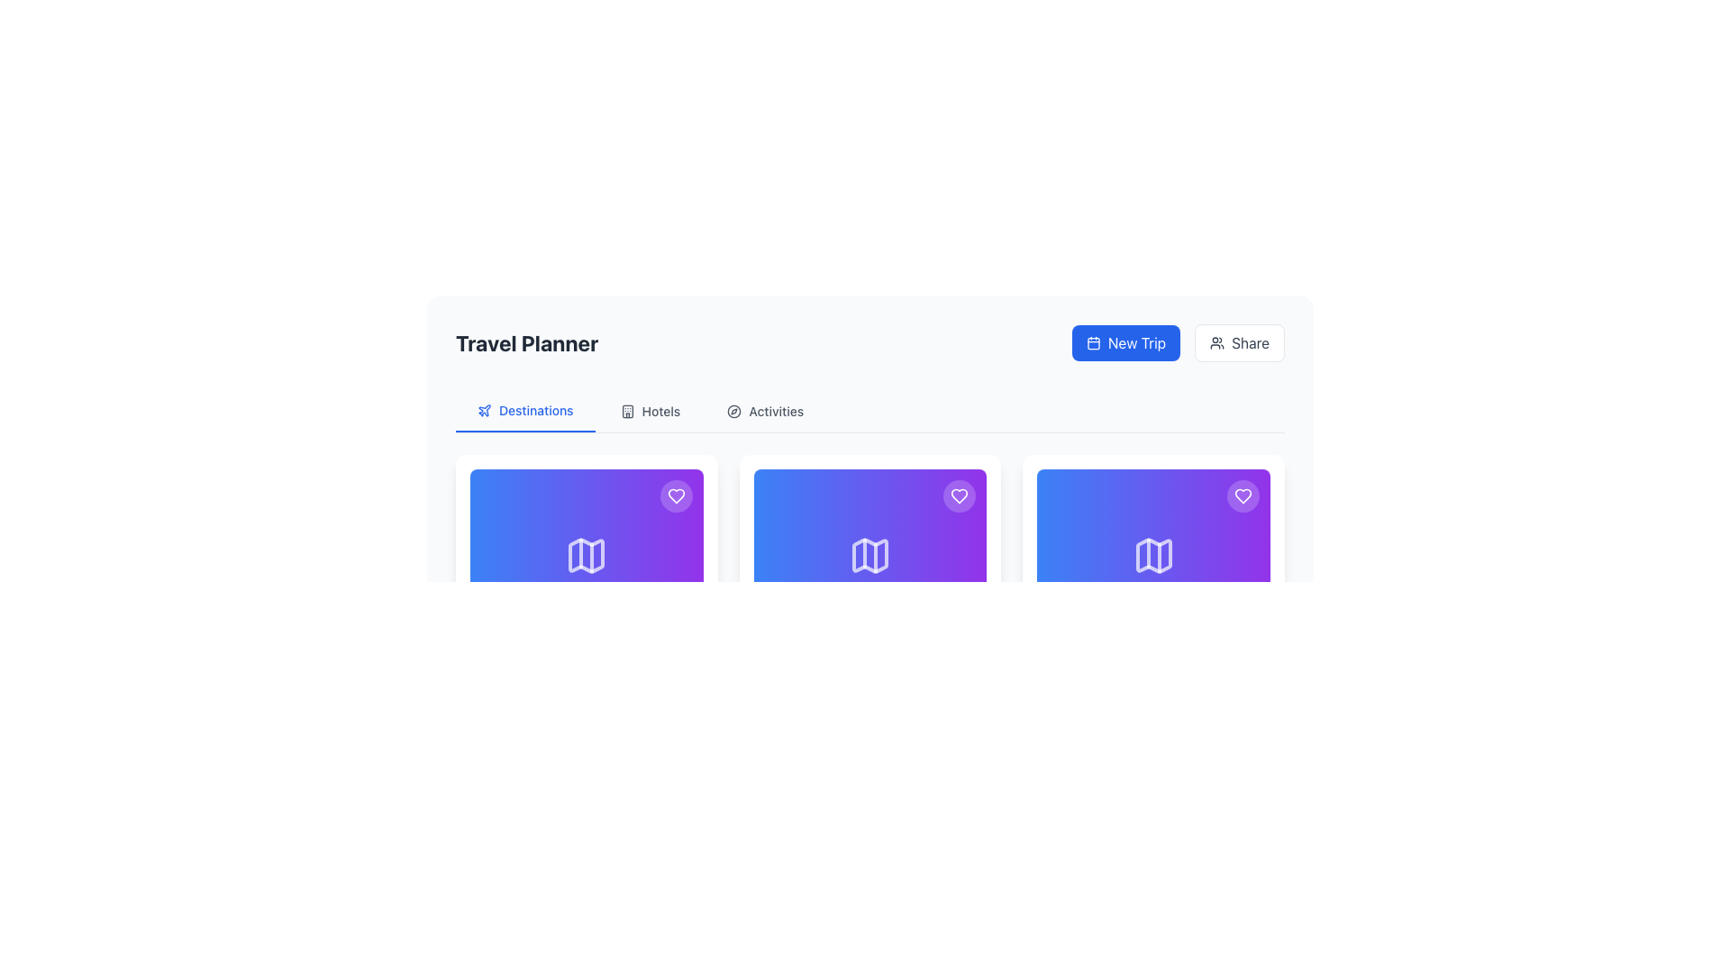 This screenshot has width=1730, height=973. Describe the element at coordinates (1242, 496) in the screenshot. I see `the favorite icon located at the top-right corner of the second card in a horizontally scrolling list` at that location.